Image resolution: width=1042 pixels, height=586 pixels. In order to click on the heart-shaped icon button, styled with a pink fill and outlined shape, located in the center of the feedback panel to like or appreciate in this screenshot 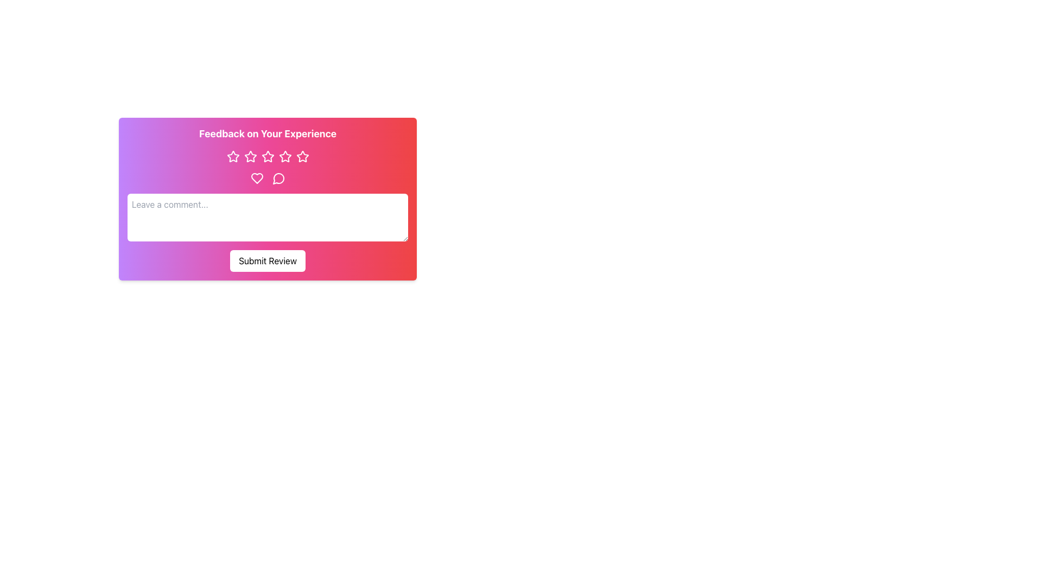, I will do `click(256, 177)`.